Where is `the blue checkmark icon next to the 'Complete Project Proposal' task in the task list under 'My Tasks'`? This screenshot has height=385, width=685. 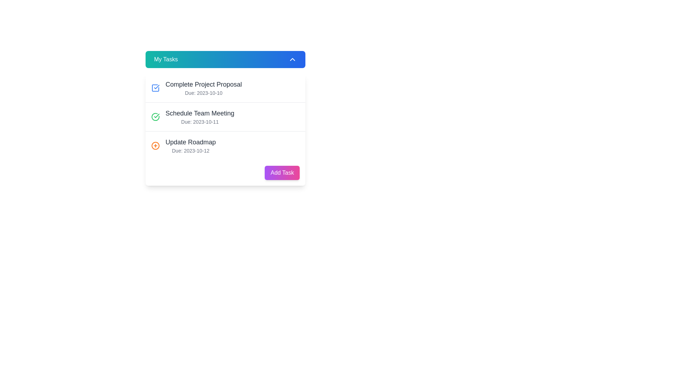 the blue checkmark icon next to the 'Complete Project Proposal' task in the task list under 'My Tasks' is located at coordinates (155, 87).